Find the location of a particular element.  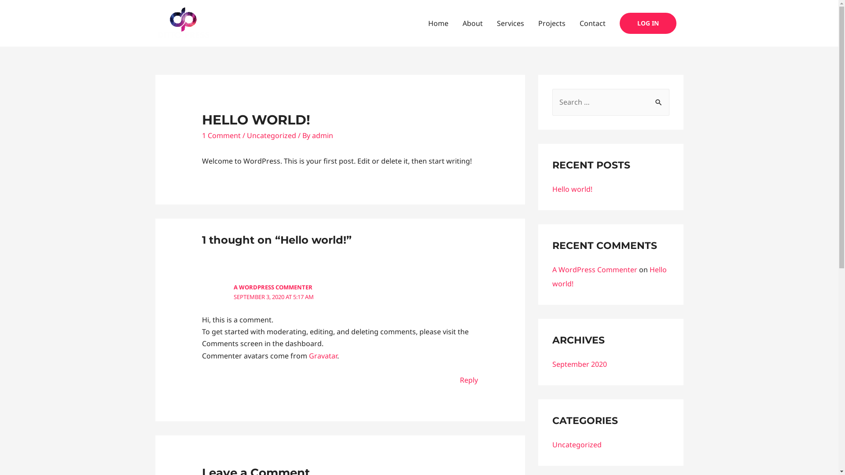

'About' is located at coordinates (455, 23).